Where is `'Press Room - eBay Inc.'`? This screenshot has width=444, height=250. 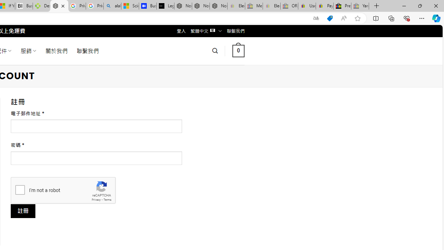 'Press Room - eBay Inc.' is located at coordinates (342, 6).